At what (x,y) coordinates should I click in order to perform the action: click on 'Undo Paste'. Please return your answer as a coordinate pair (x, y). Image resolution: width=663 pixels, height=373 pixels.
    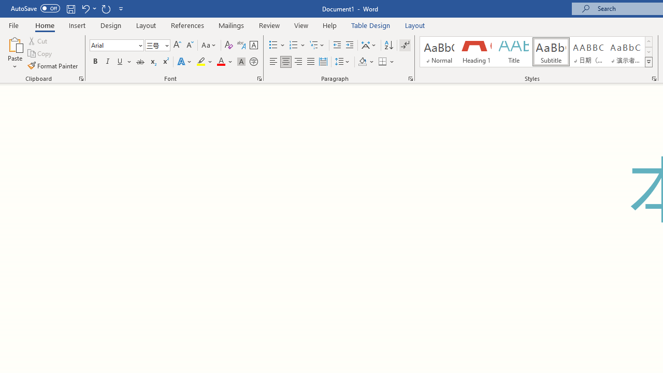
    Looking at the image, I should click on (85, 8).